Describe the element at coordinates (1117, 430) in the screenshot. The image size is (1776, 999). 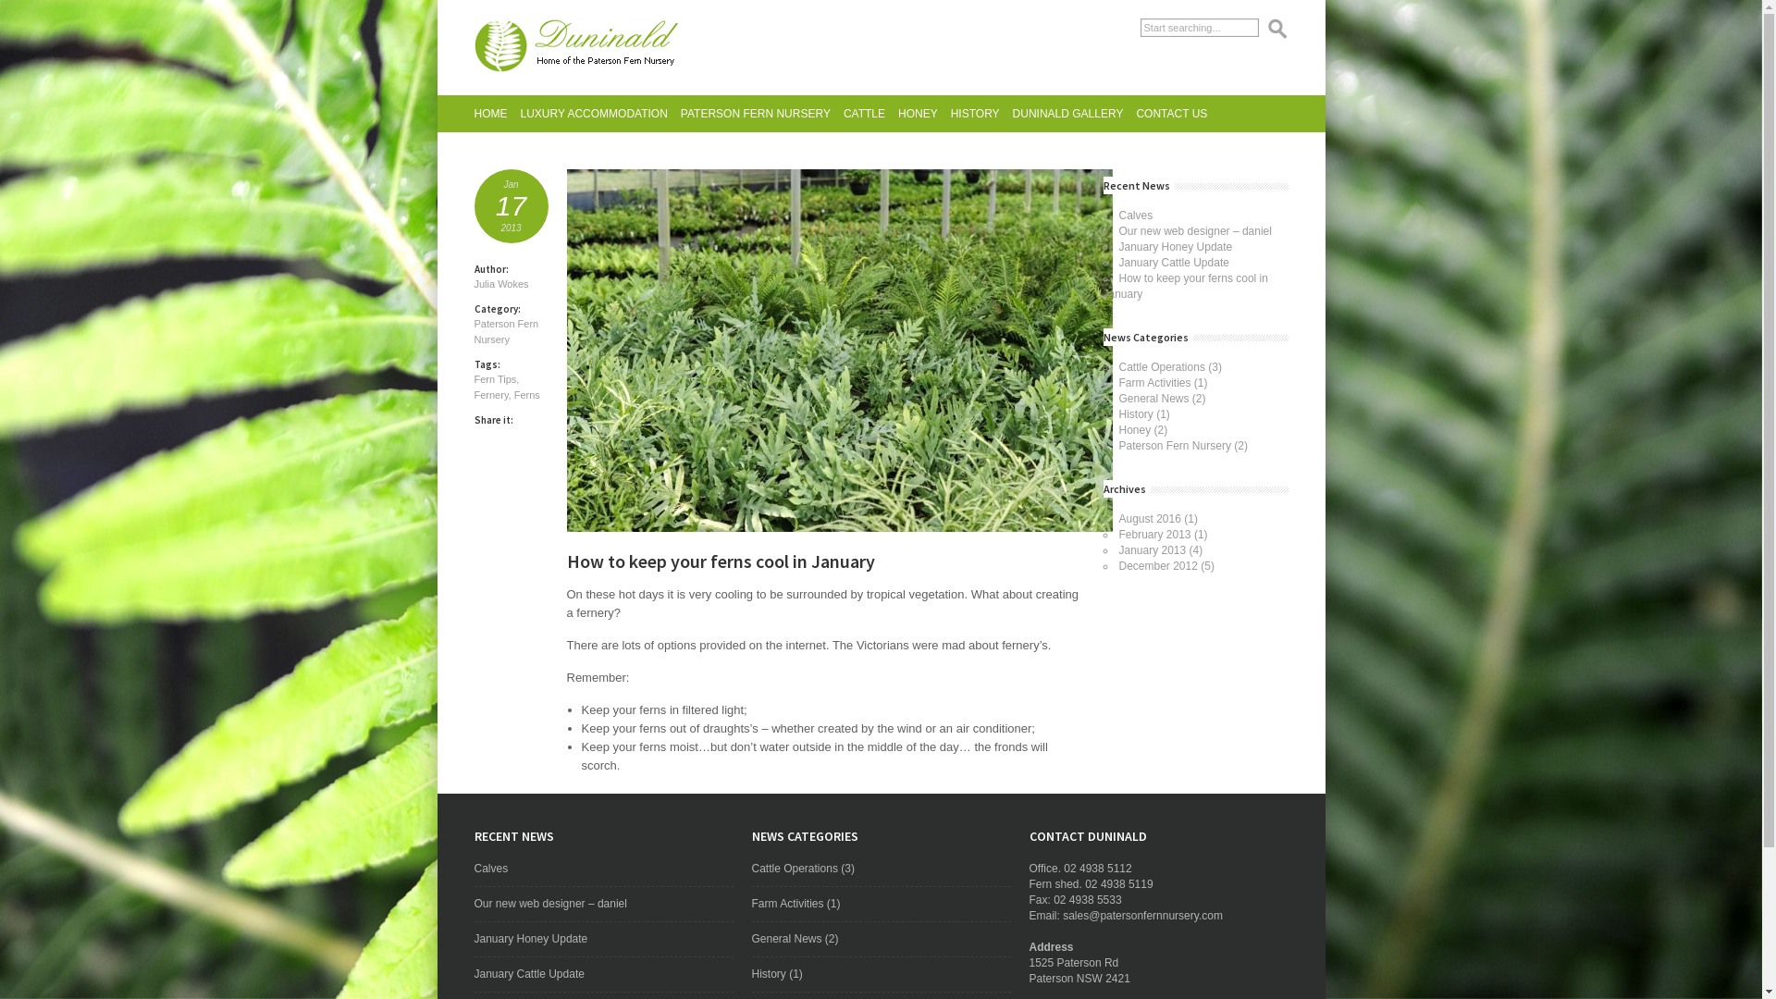
I see `'Honey'` at that location.